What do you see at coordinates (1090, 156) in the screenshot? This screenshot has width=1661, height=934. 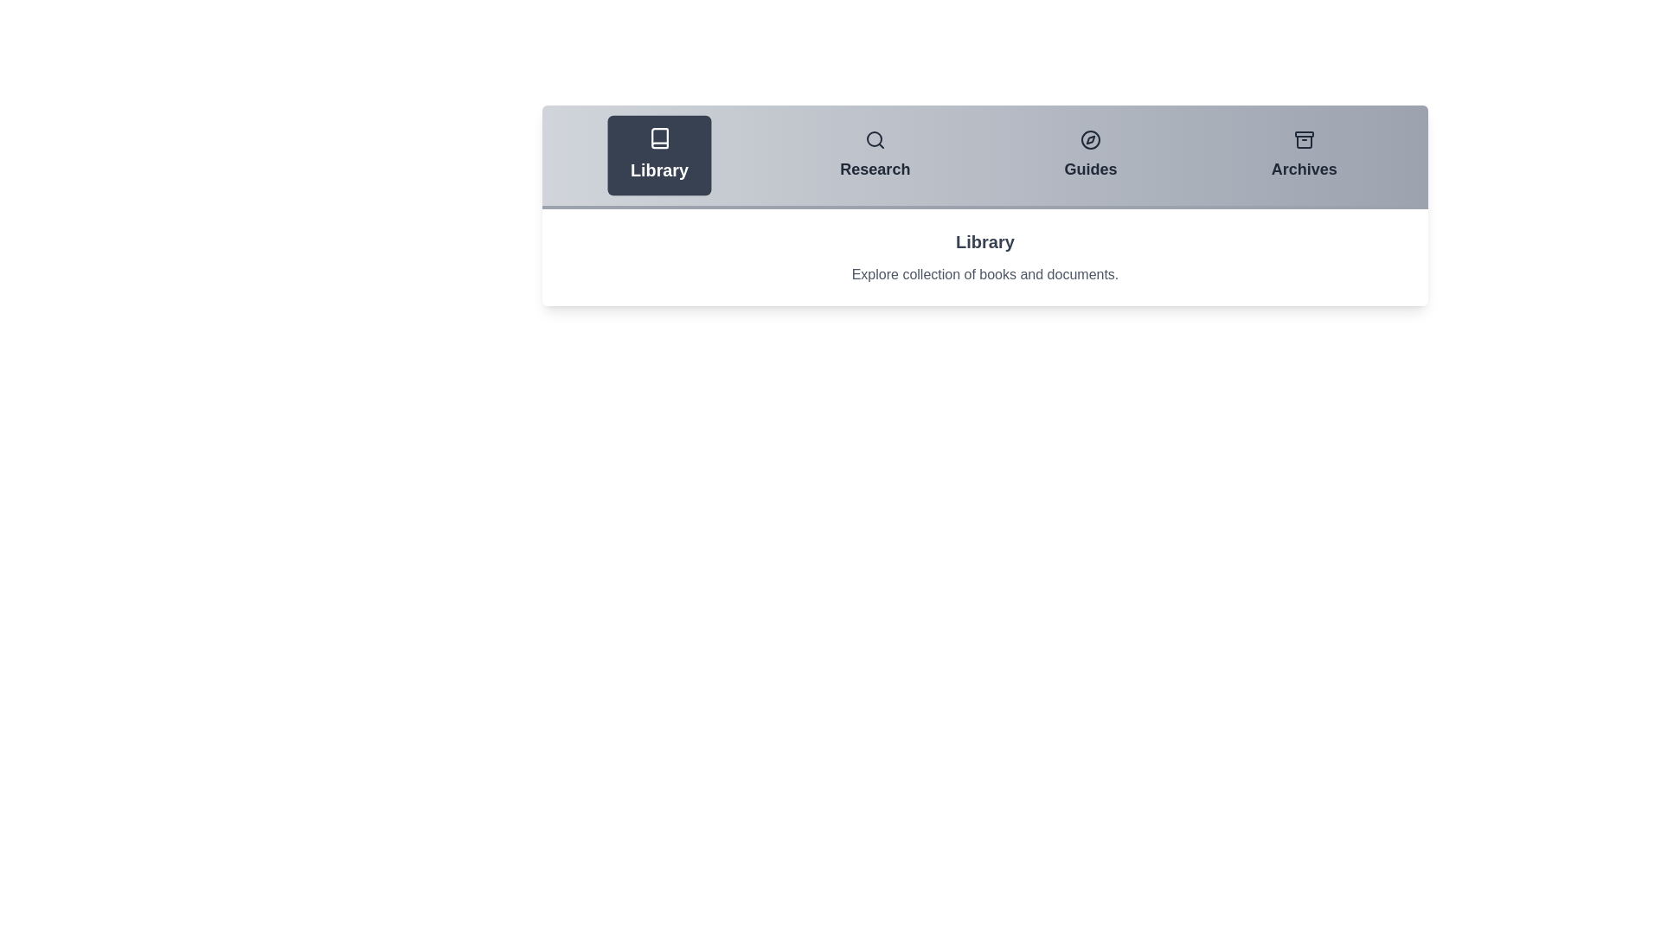 I see `the Guides tab to view its contents` at bounding box center [1090, 156].